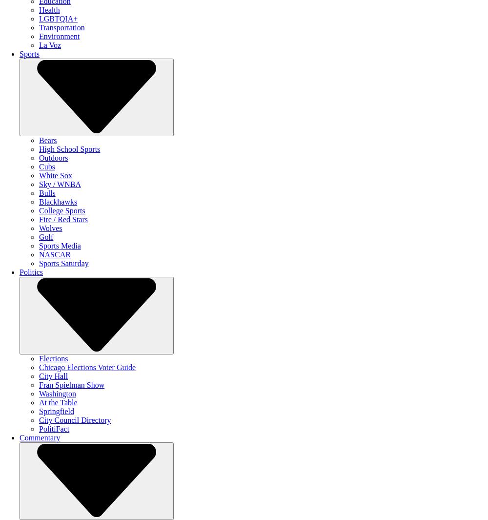 The width and height of the screenshot is (488, 520). Describe the element at coordinates (39, 44) in the screenshot. I see `'La Voz'` at that location.